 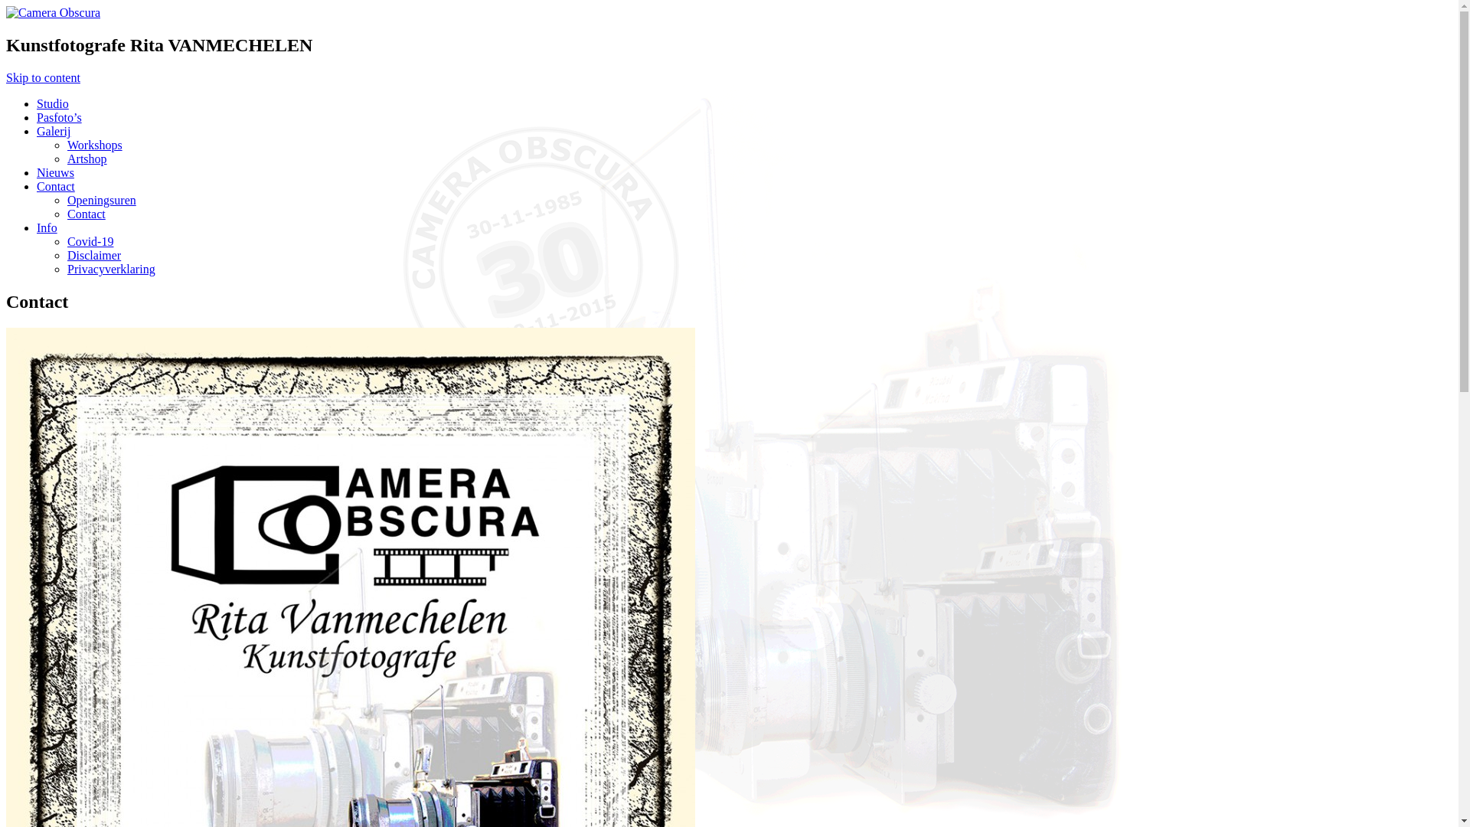 I want to click on 'Galerij', so click(x=54, y=130).